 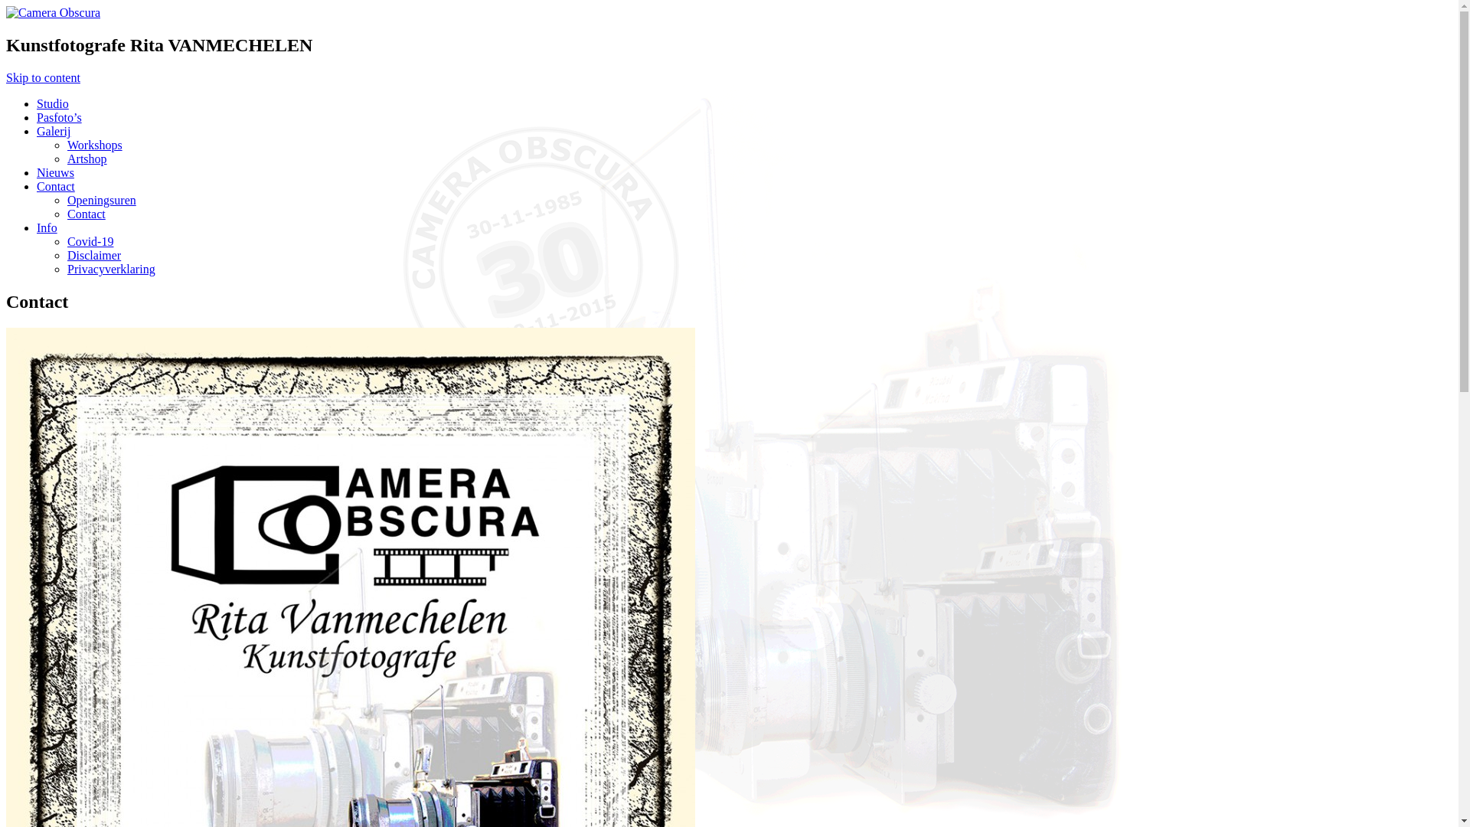 I want to click on 'Galerij', so click(x=54, y=130).